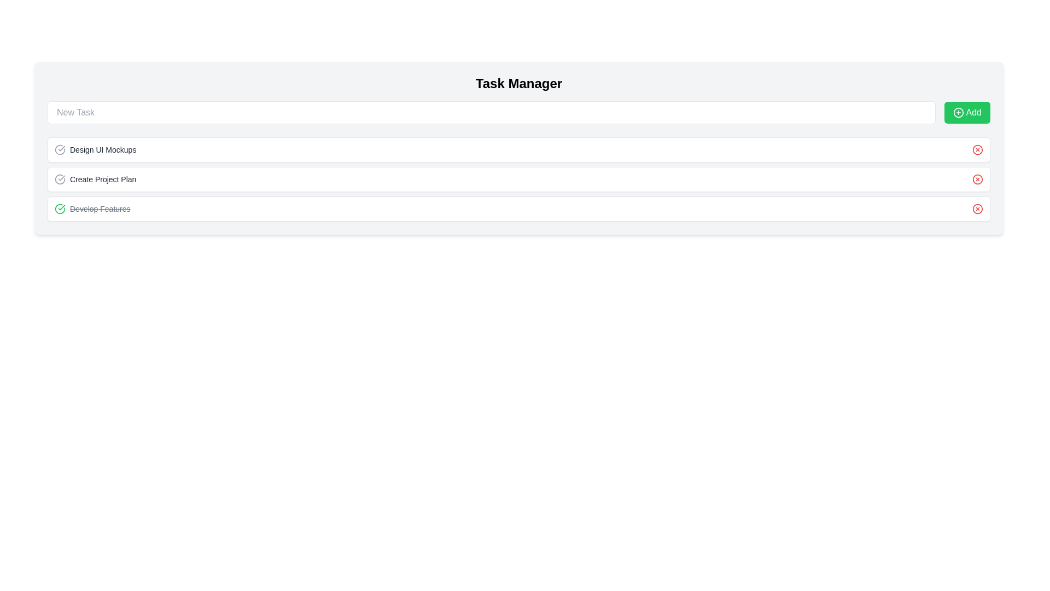  I want to click on the circular red button with a red cross symbol located at the far-right end of the 'Create Project Plan' task row, so click(978, 178).